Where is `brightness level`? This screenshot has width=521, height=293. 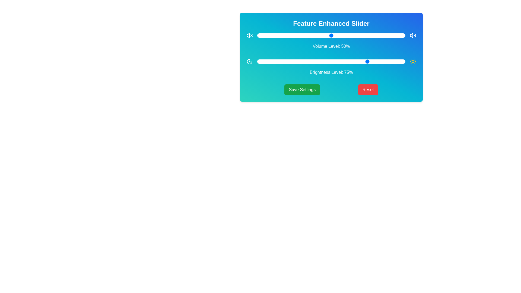 brightness level is located at coordinates (257, 61).